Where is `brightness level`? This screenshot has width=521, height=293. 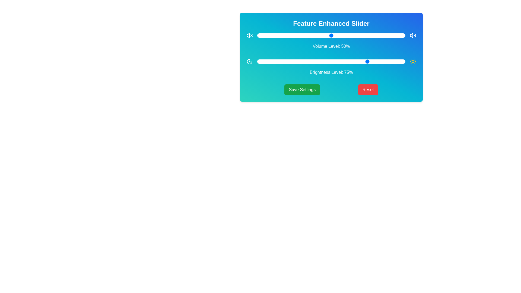 brightness level is located at coordinates (257, 61).